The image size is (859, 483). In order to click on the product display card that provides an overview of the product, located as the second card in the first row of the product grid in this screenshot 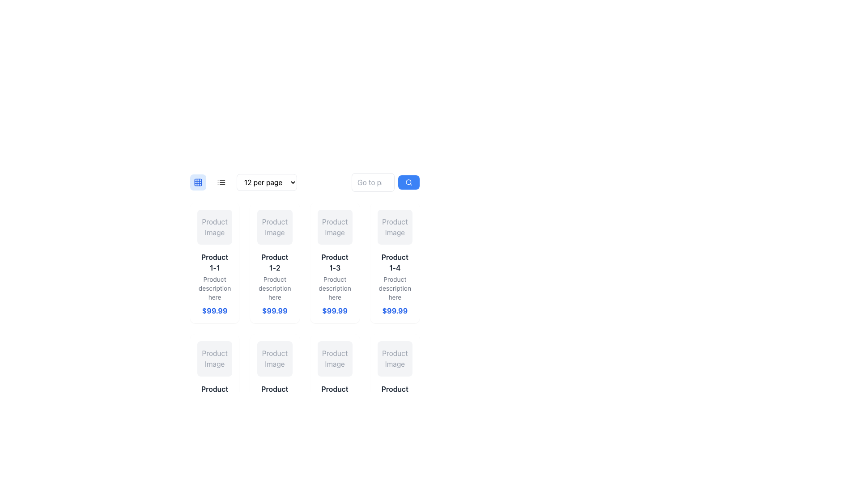, I will do `click(274, 263)`.